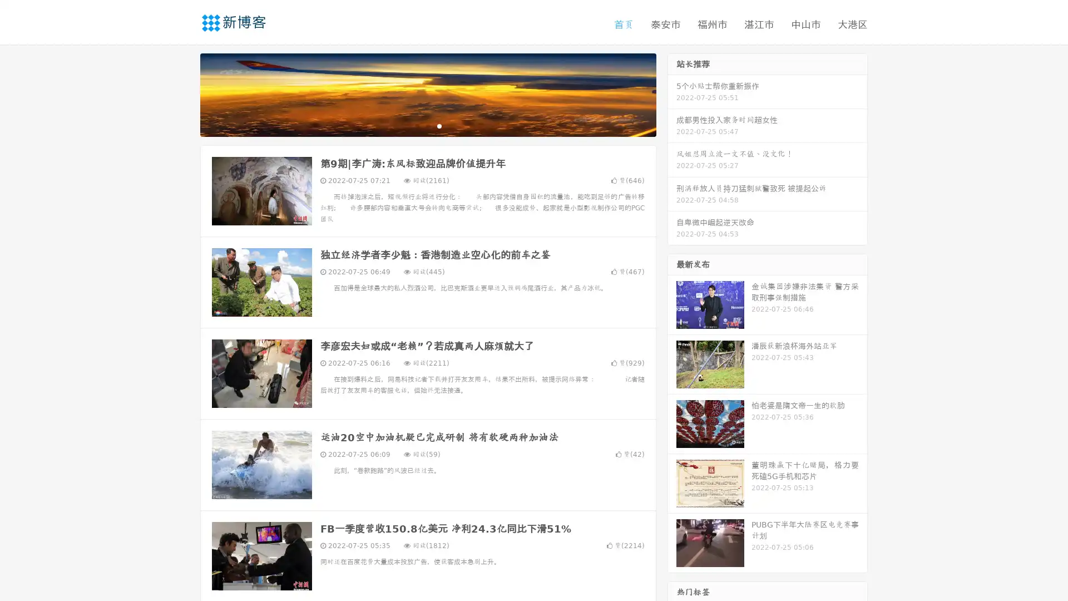  Describe the element at coordinates (672, 93) in the screenshot. I see `Next slide` at that location.